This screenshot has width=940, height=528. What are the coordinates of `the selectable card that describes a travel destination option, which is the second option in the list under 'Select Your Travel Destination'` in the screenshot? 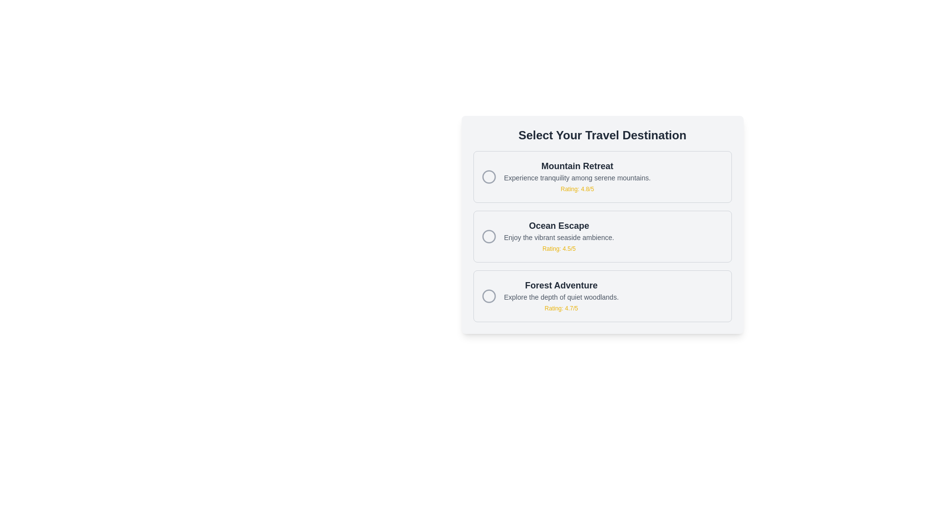 It's located at (602, 224).